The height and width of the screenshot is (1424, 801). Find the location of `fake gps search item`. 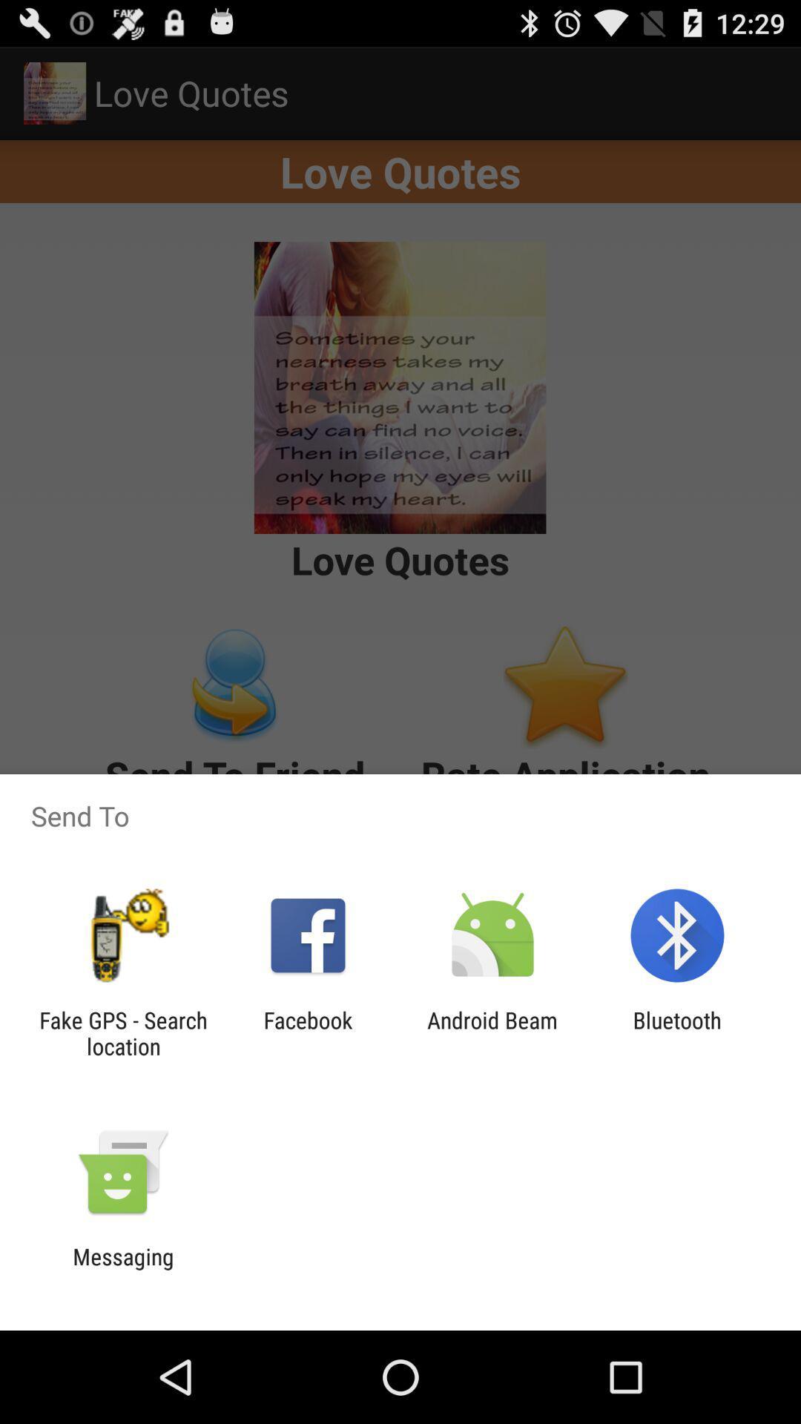

fake gps search item is located at coordinates (122, 1032).